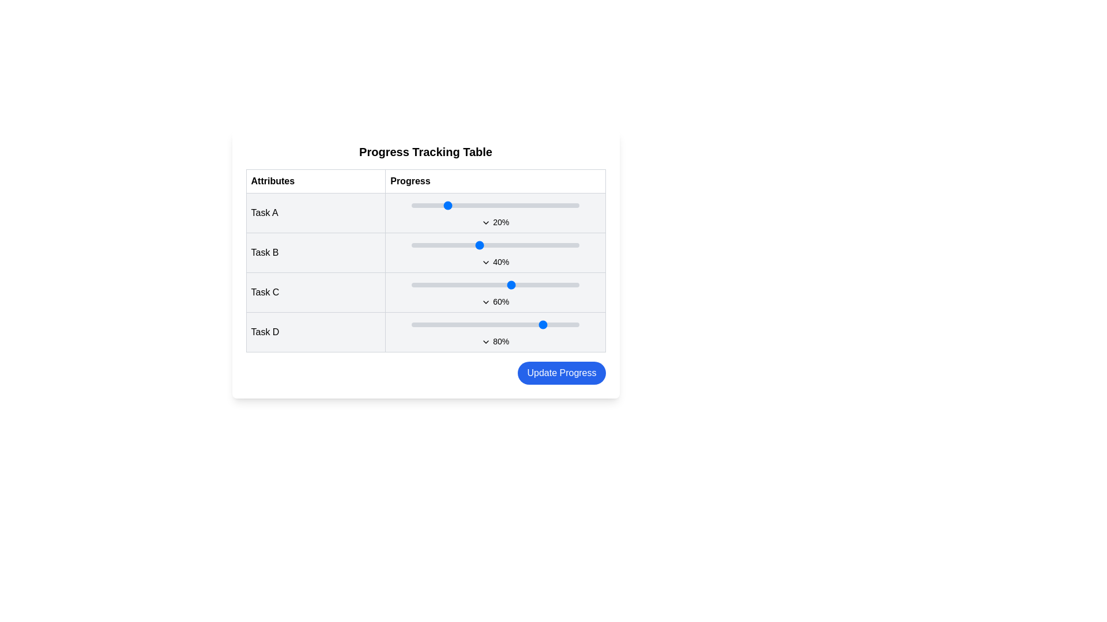 This screenshot has height=622, width=1107. I want to click on the progress of Task C, so click(559, 285).